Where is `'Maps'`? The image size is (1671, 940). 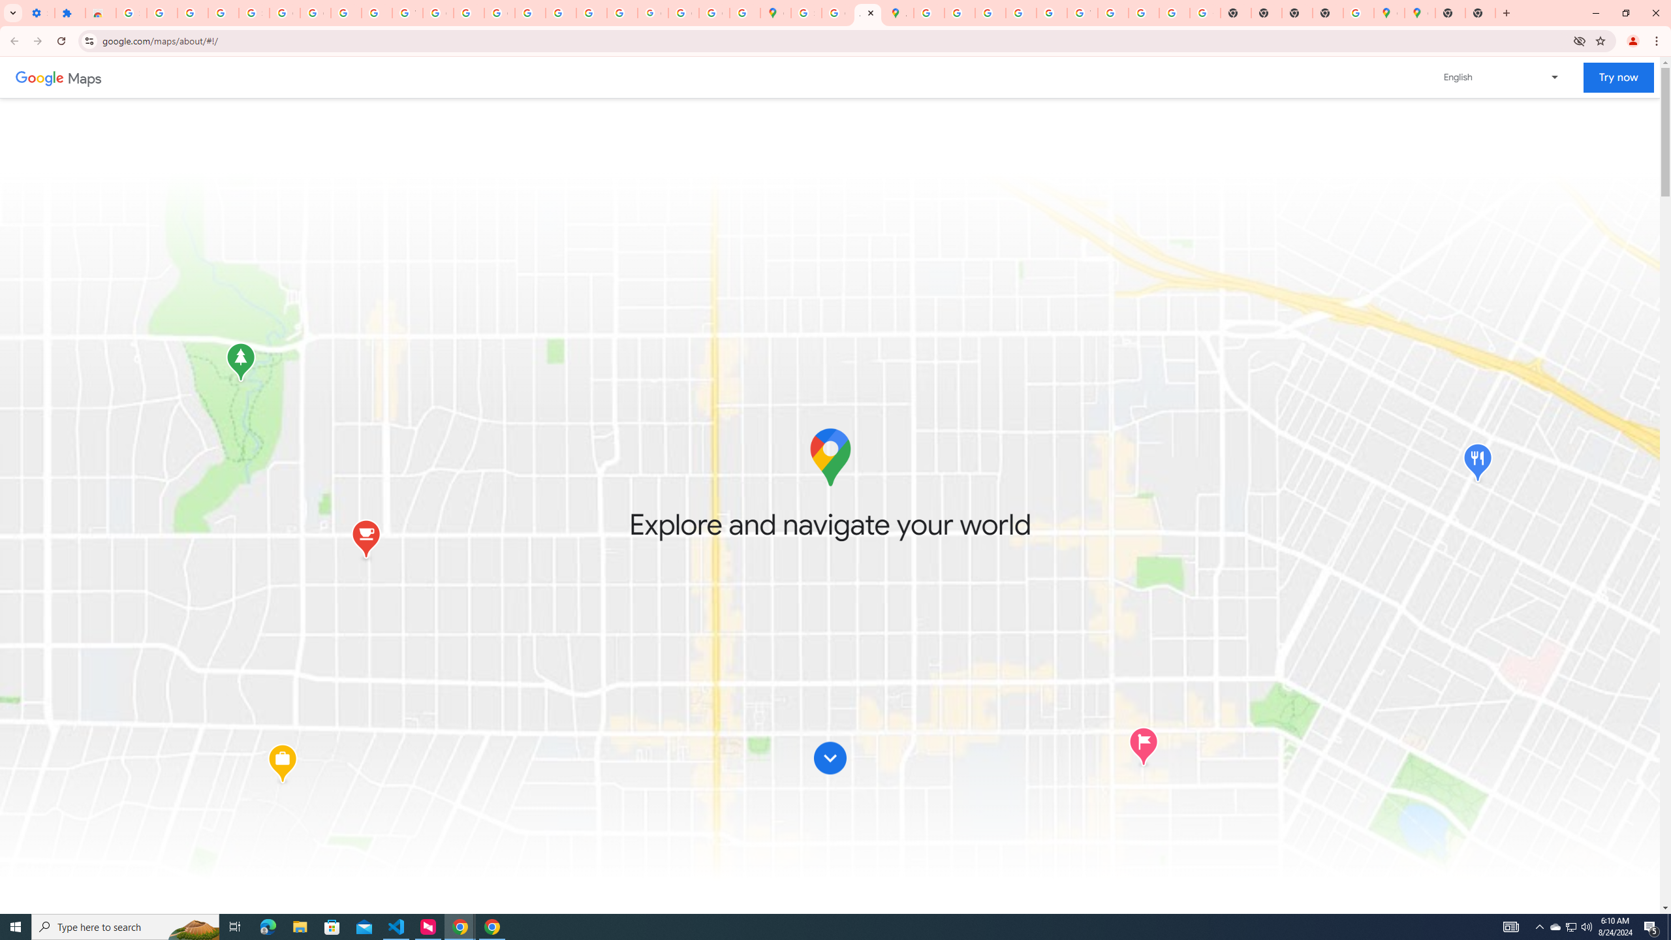 'Maps' is located at coordinates (85, 77).